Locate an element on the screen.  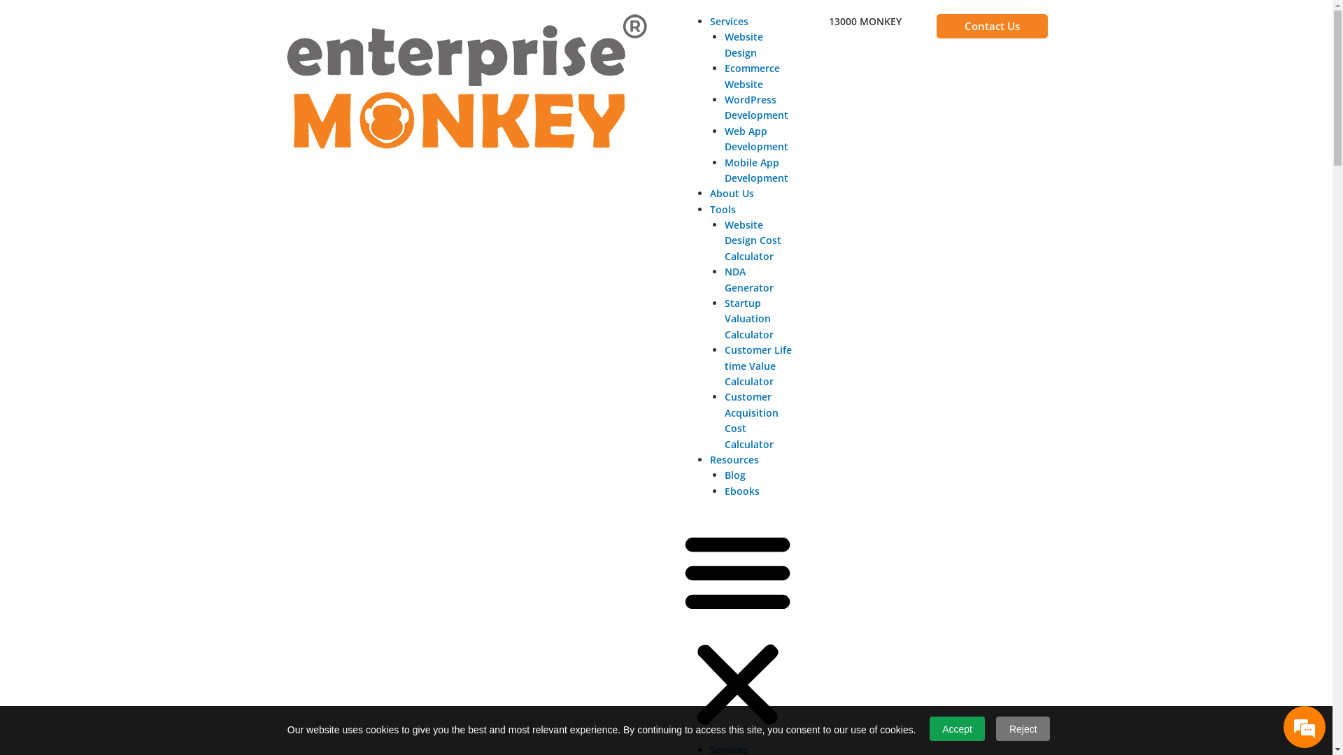
'Website Design Cost Calculator' is located at coordinates (752, 239).